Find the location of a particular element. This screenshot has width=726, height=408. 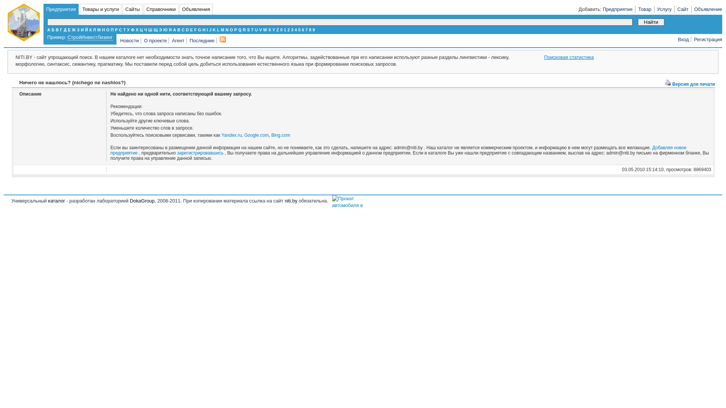

'0' is located at coordinates (281, 29).